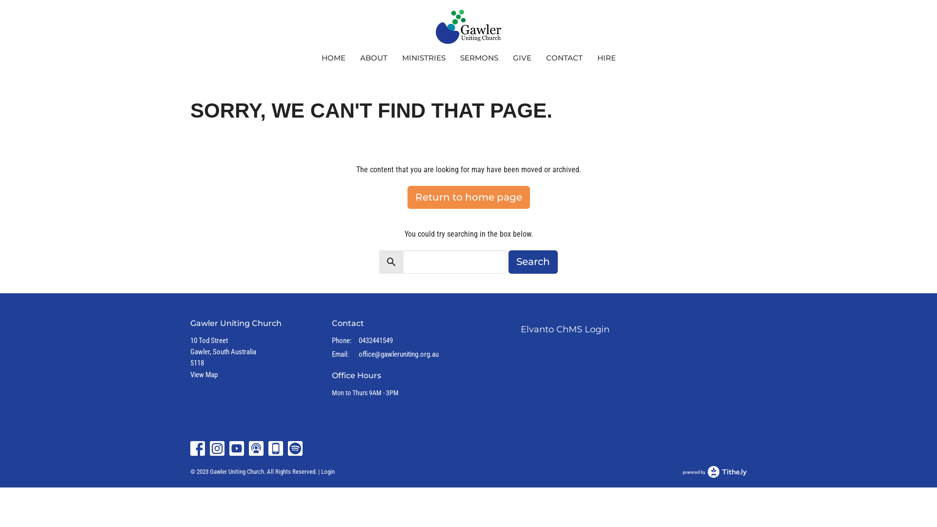 This screenshot has height=527, width=937. Describe the element at coordinates (606, 58) in the screenshot. I see `'HIRE'` at that location.